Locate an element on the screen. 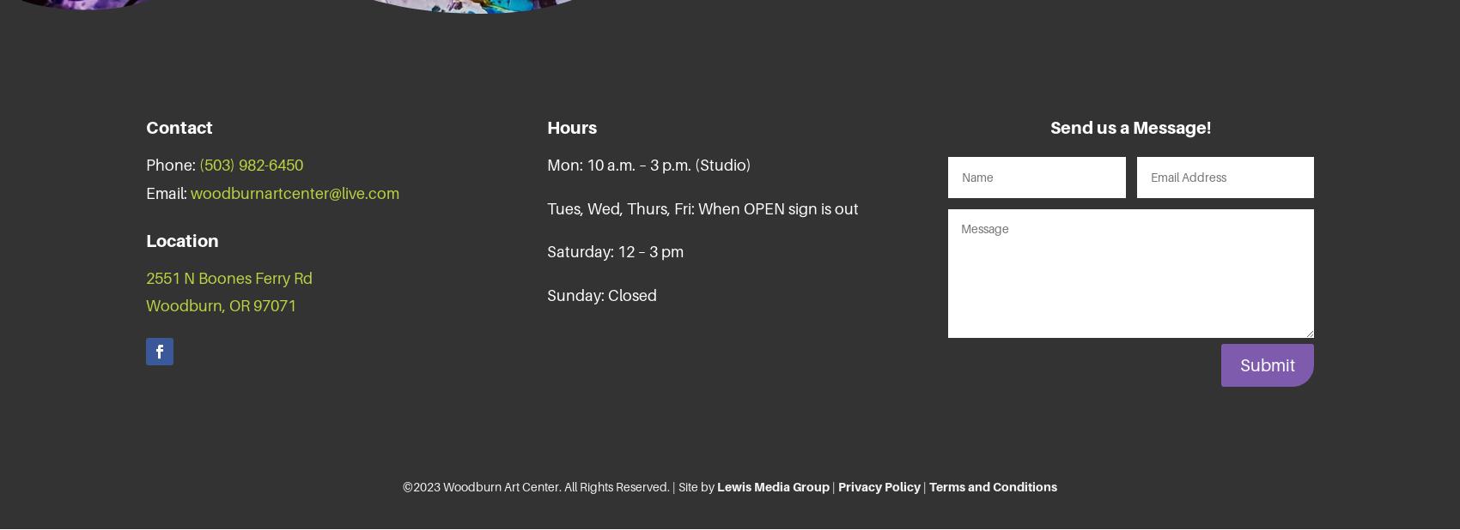 The width and height of the screenshot is (1460, 530). '©2023   Woodburn Art Center. All Rights Reserved. | Site by' is located at coordinates (559, 486).